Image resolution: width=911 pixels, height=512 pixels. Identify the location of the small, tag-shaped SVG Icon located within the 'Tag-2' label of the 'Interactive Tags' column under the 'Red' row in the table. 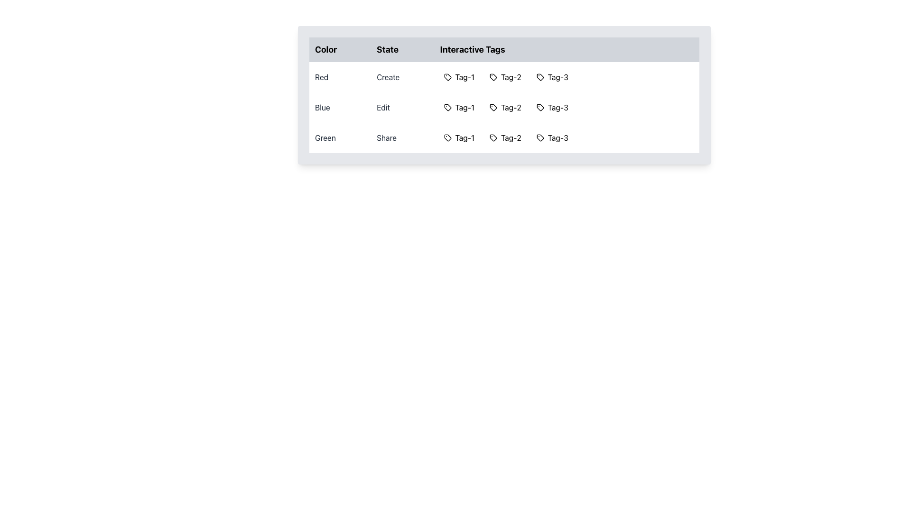
(493, 76).